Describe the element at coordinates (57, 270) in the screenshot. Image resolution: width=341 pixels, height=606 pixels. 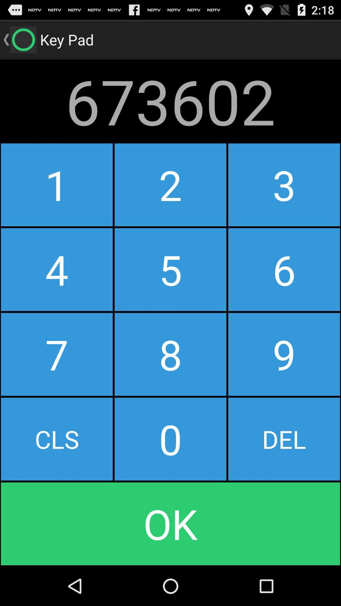
I see `the button to the left of the 2 icon` at that location.